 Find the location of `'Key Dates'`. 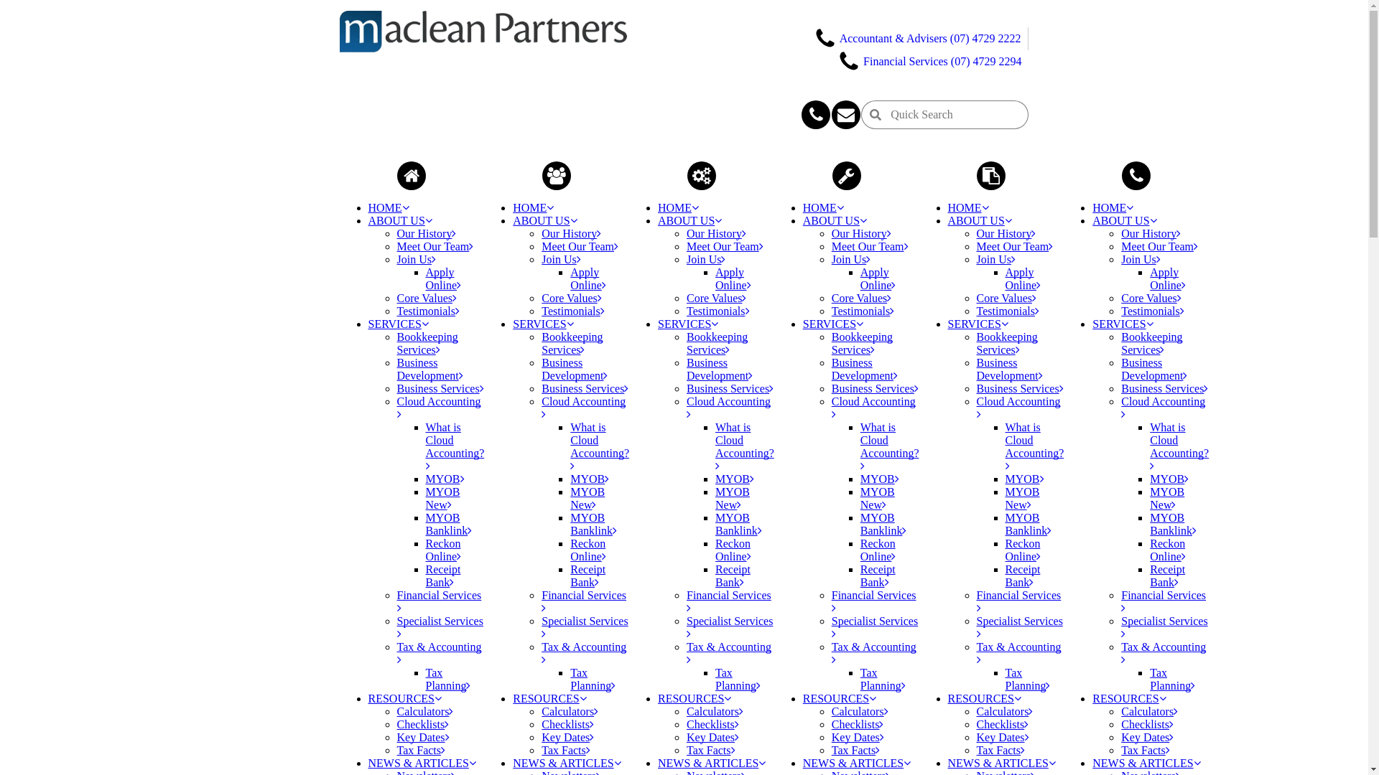

'Key Dates' is located at coordinates (422, 737).